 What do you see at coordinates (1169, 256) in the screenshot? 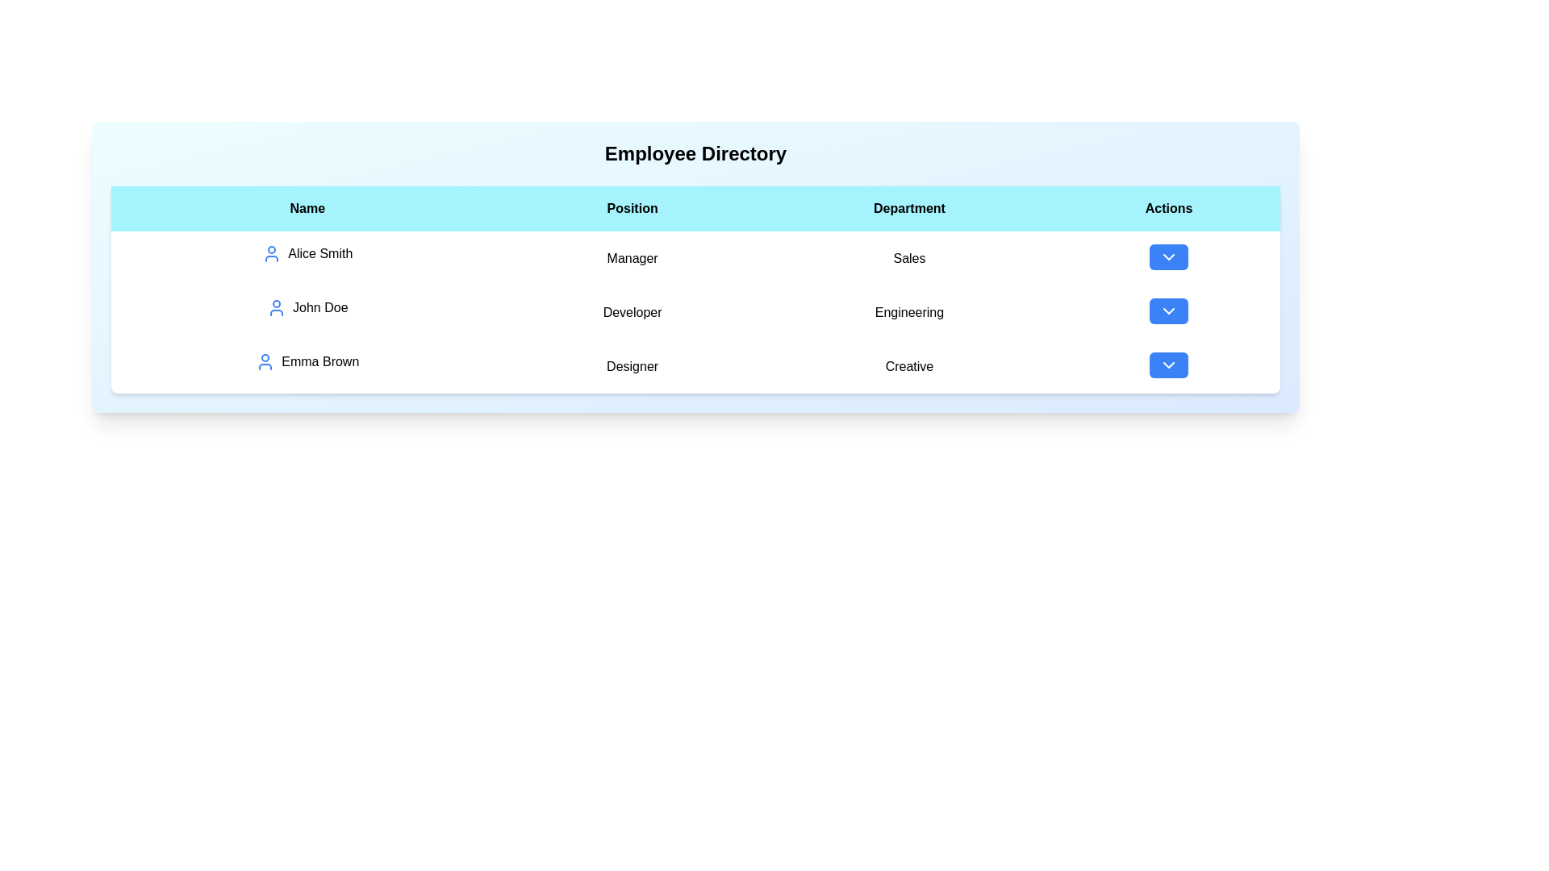
I see `the downward chevron icon within the first button in the 'Actions' column of the first row in the table` at bounding box center [1169, 256].